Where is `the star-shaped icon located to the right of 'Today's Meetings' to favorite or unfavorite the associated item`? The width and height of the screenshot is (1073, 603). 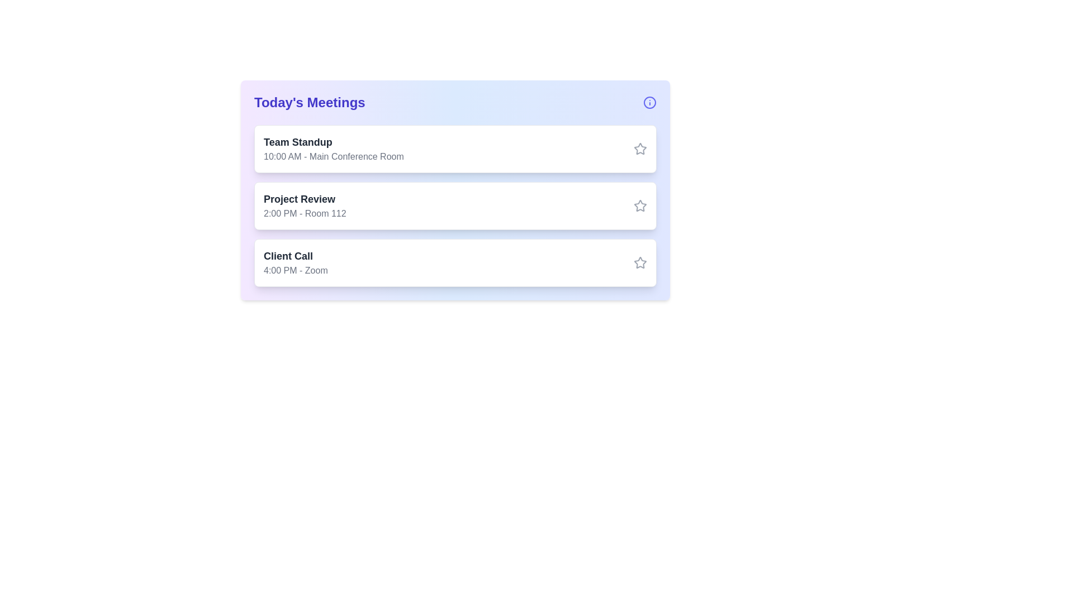
the star-shaped icon located to the right of 'Today's Meetings' to favorite or unfavorite the associated item is located at coordinates (640, 262).